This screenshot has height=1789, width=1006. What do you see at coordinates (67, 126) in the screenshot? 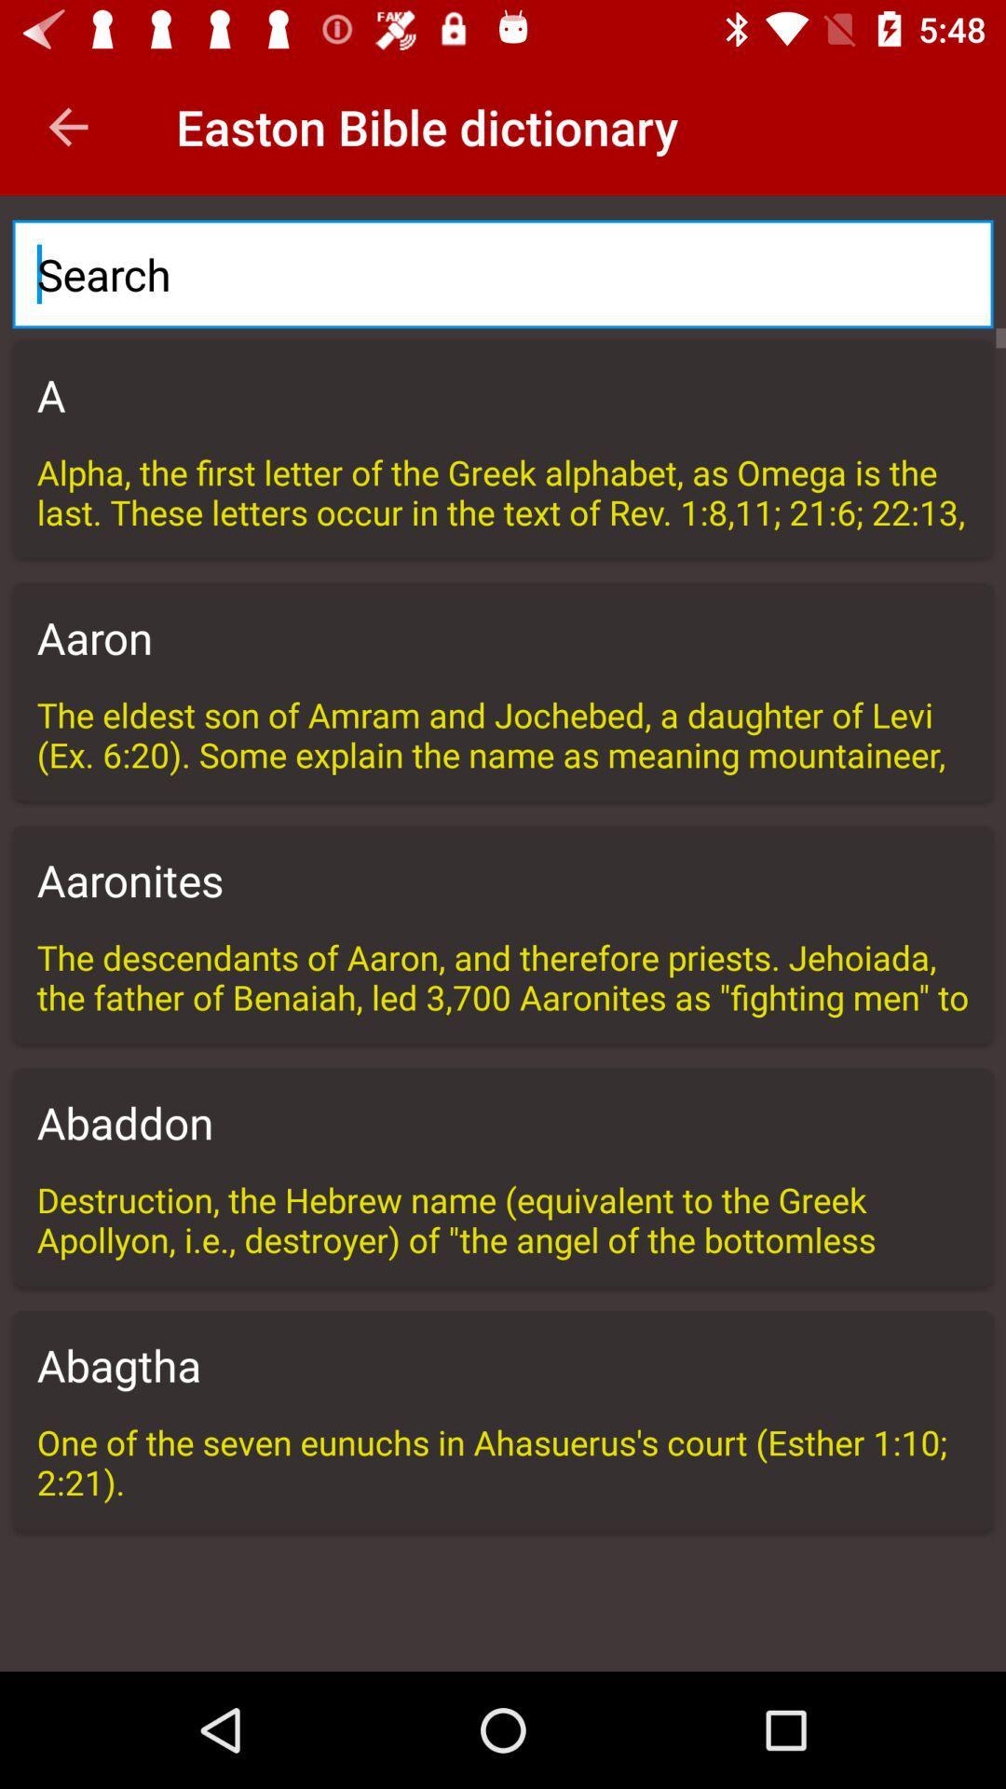
I see `icon at the top left corner` at bounding box center [67, 126].